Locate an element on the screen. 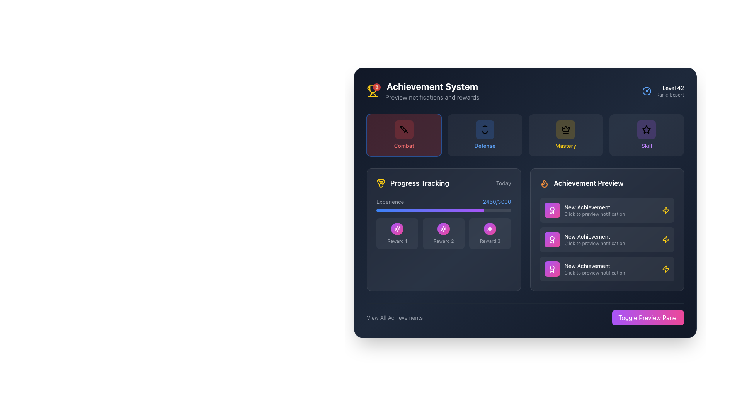  the golden trophy medal icon located to the left of the 'Achievement System' text in the top-left corner of the main blue interface is located at coordinates (381, 182).